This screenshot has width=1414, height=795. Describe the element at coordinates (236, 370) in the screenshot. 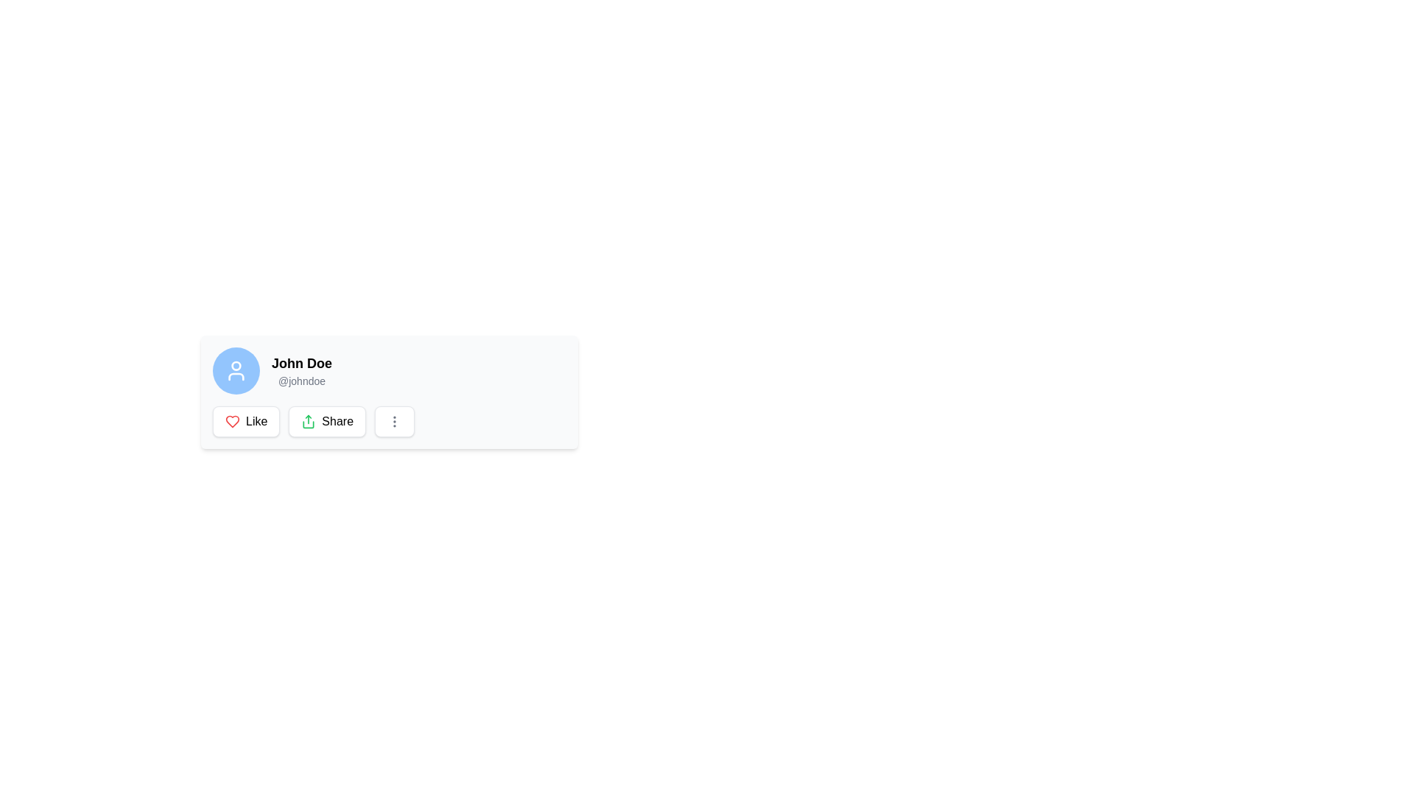

I see `the circular avatar placeholder representing the user profile image of 'John Doe'` at that location.